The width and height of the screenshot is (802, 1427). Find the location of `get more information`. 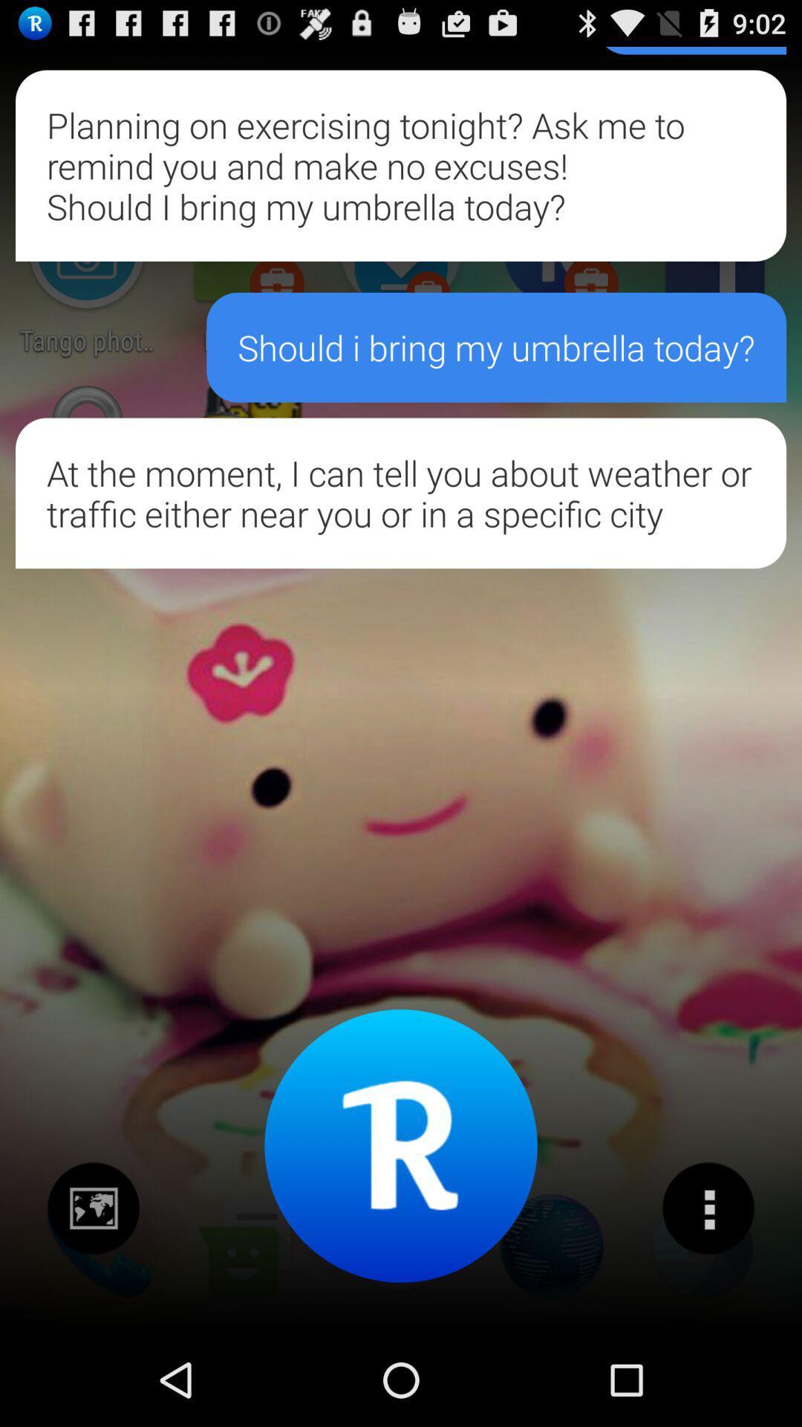

get more information is located at coordinates (707, 1208).